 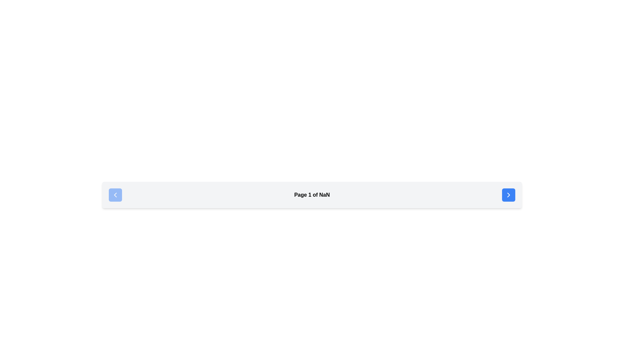 I want to click on the left chevron icon inside the blue circular button located at the left end of the navigation bar, so click(x=115, y=195).